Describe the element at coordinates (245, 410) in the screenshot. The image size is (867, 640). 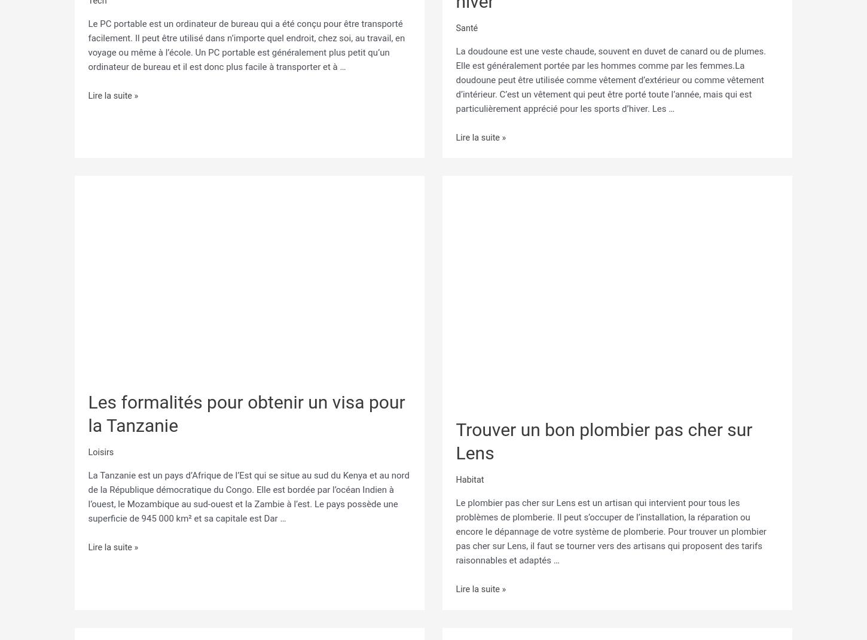
I see `'Les formalités pour obtenir un visa pour la Tanzanie'` at that location.